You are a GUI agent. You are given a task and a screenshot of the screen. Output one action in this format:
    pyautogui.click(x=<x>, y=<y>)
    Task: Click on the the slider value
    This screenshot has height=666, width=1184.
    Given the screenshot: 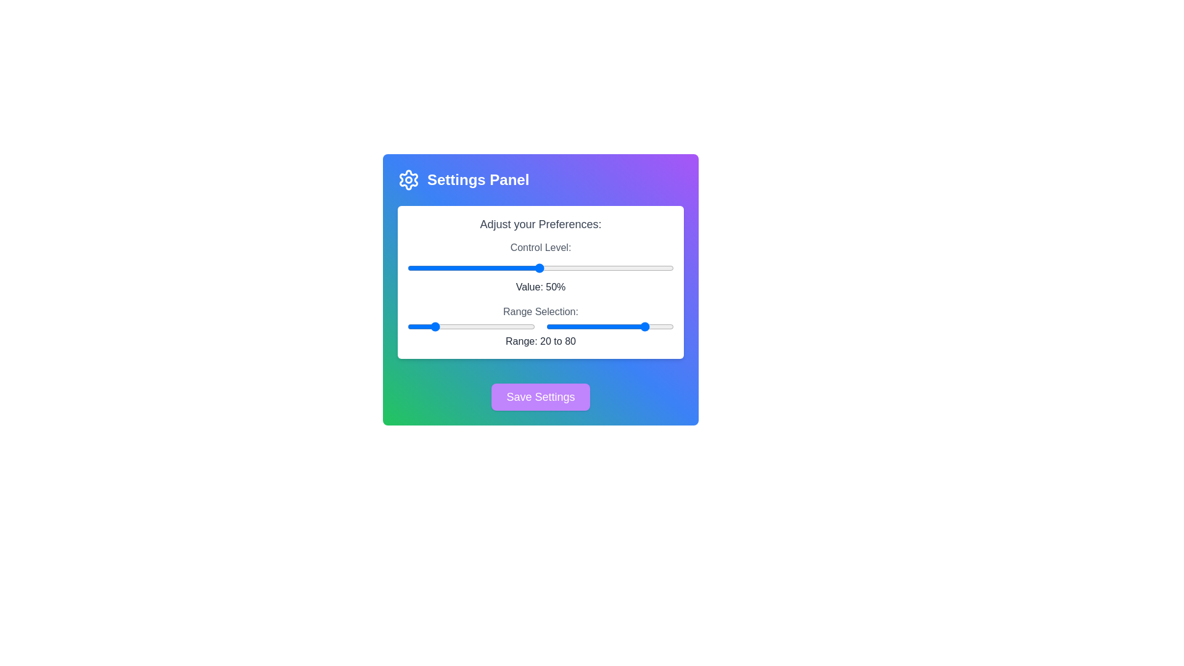 What is the action you would take?
    pyautogui.click(x=579, y=268)
    